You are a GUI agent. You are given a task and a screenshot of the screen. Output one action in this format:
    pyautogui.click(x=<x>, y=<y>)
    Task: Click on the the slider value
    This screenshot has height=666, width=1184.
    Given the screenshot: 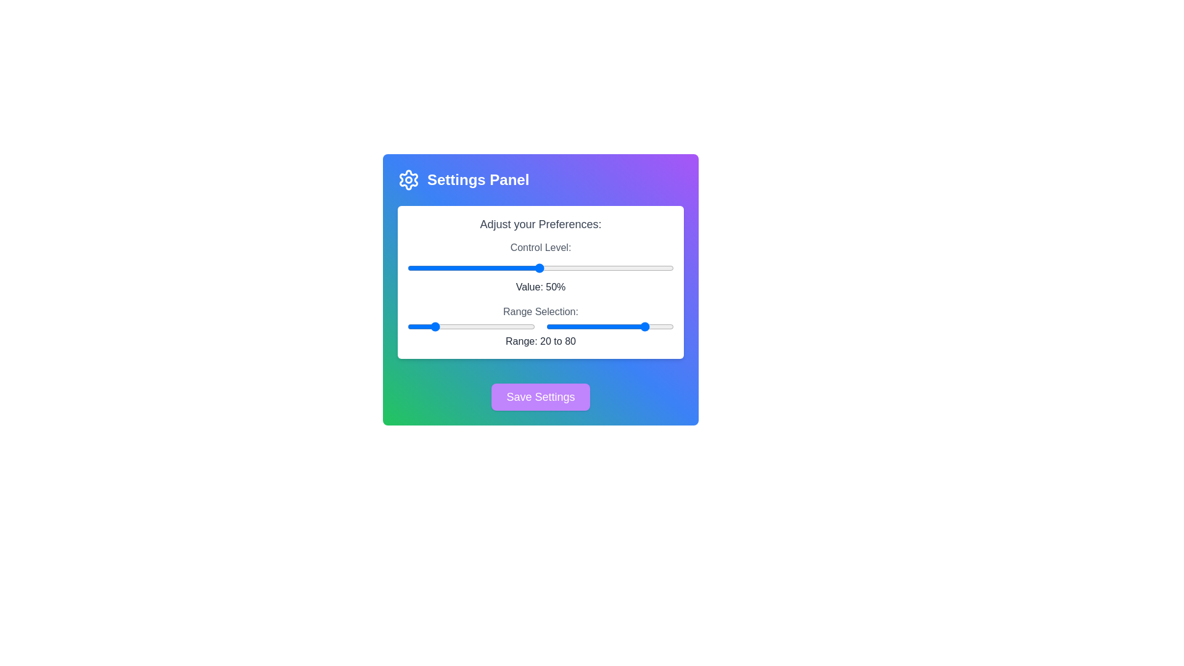 What is the action you would take?
    pyautogui.click(x=579, y=268)
    